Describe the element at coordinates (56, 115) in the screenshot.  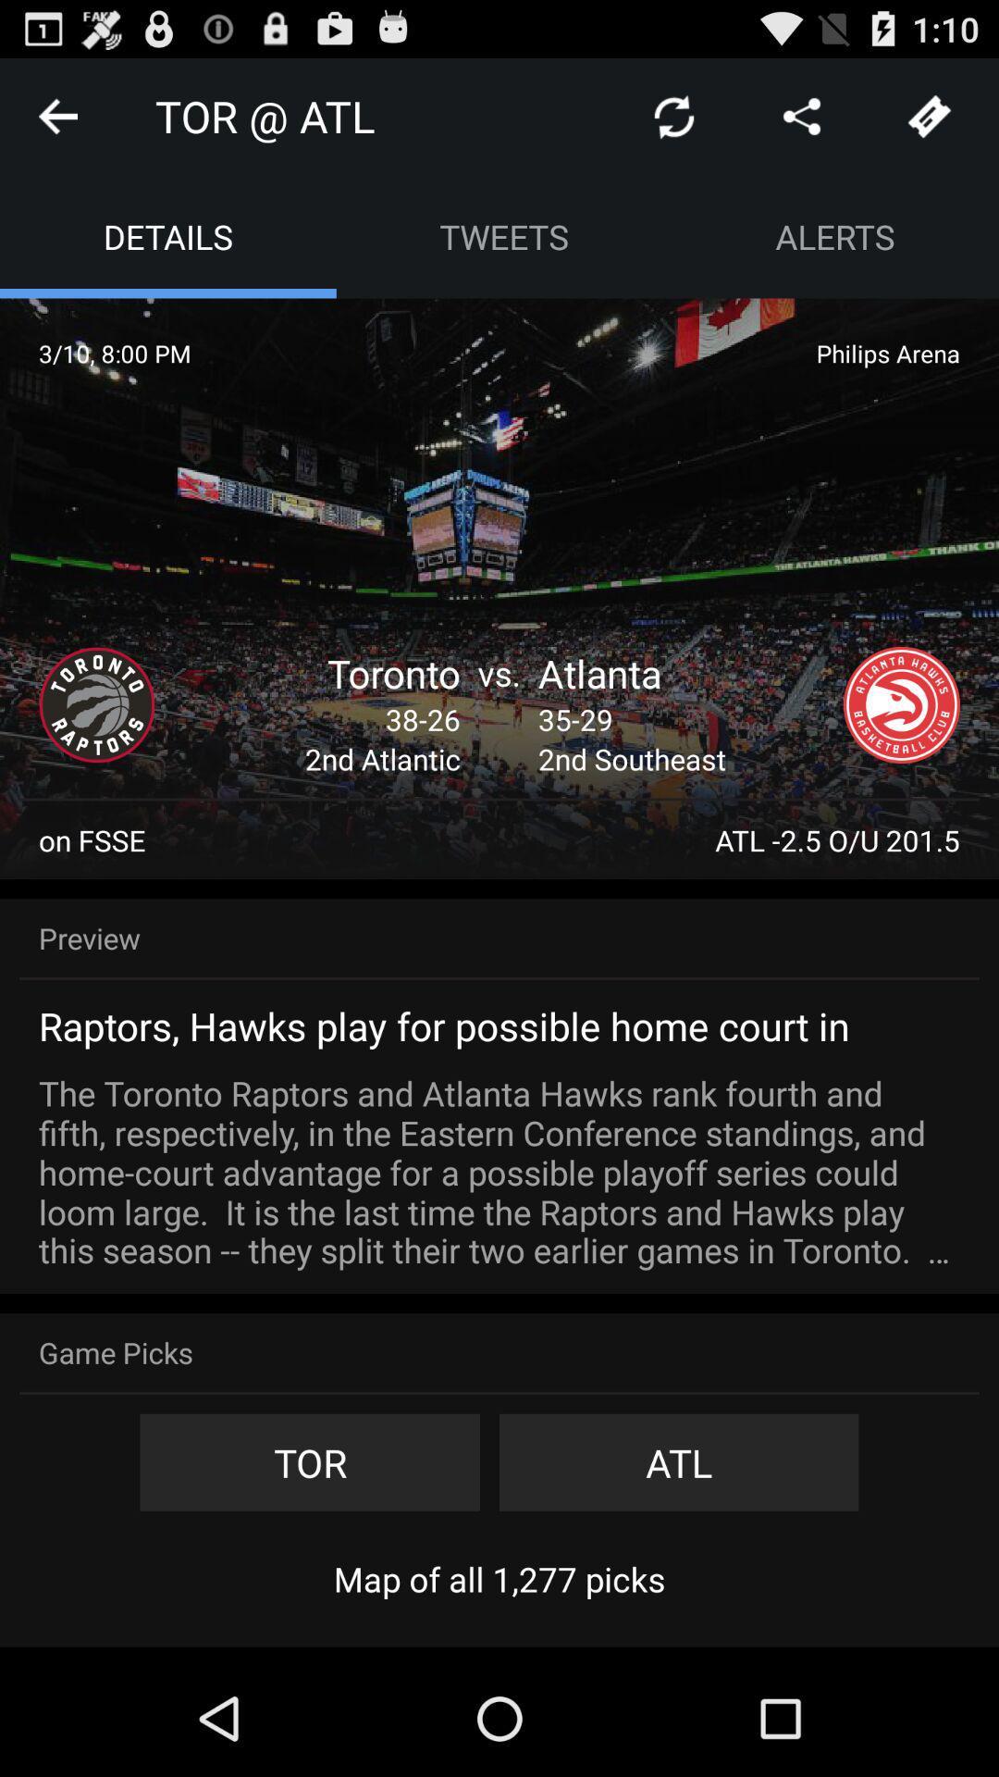
I see `go back` at that location.